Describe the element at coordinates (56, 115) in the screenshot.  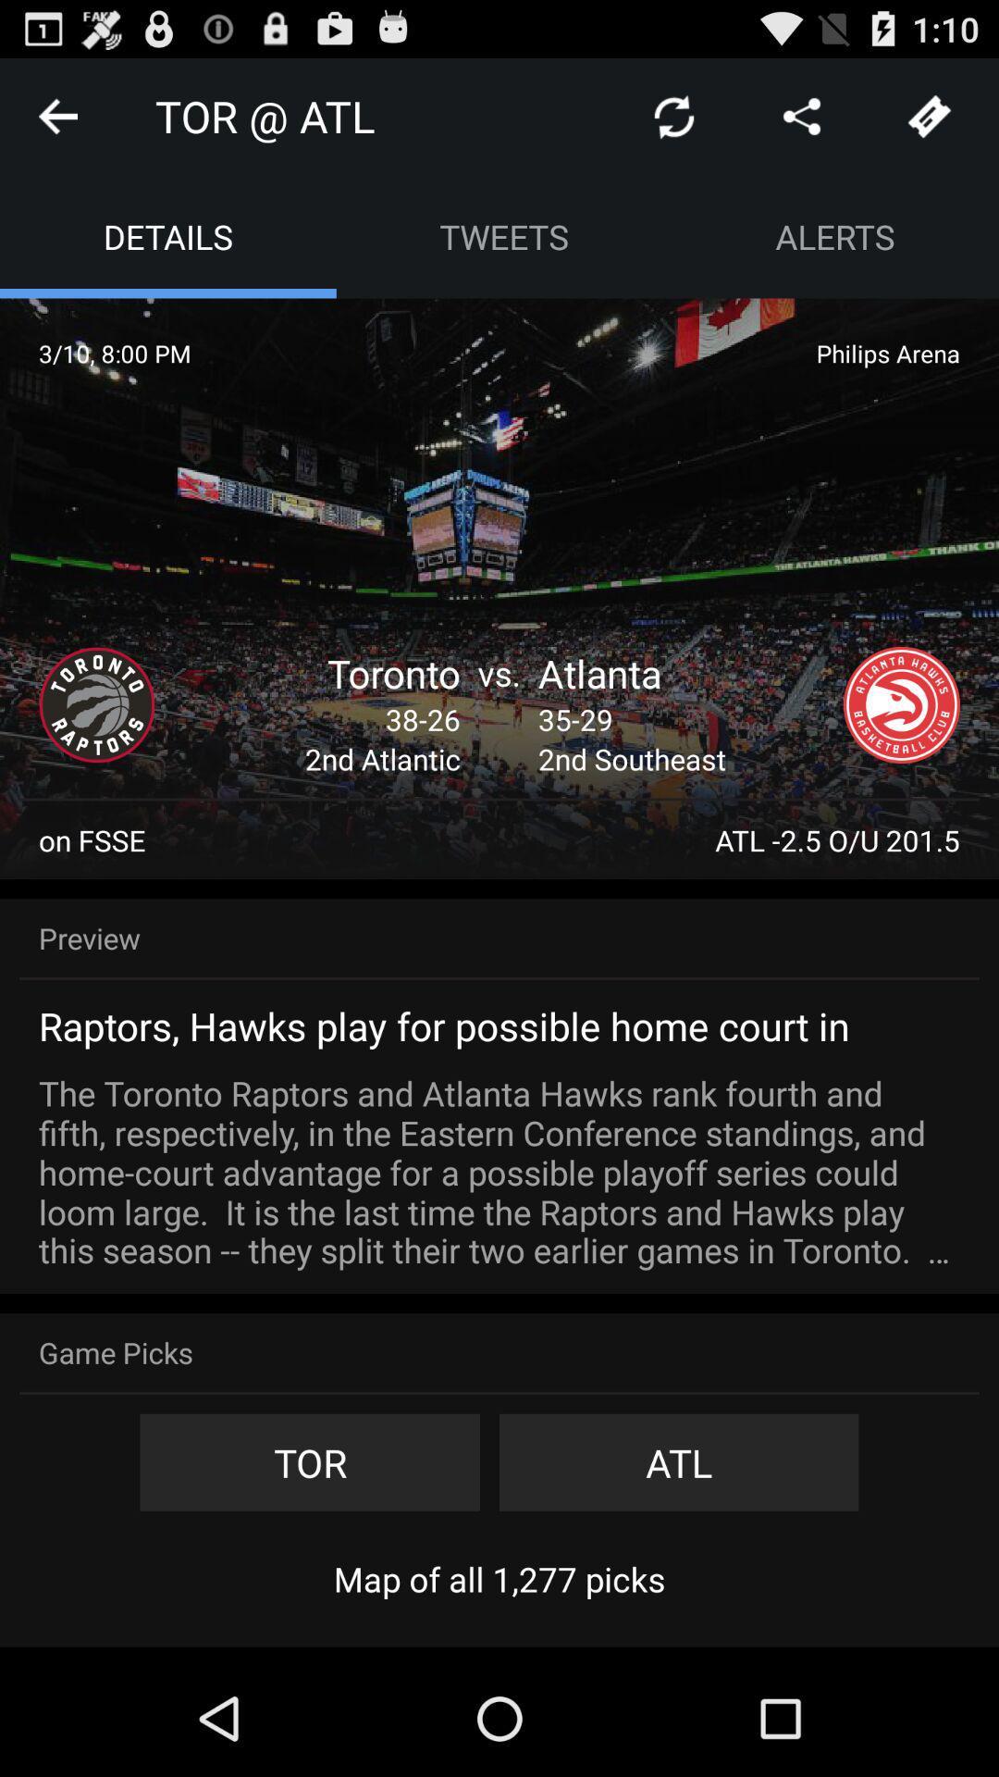
I see `go back` at that location.